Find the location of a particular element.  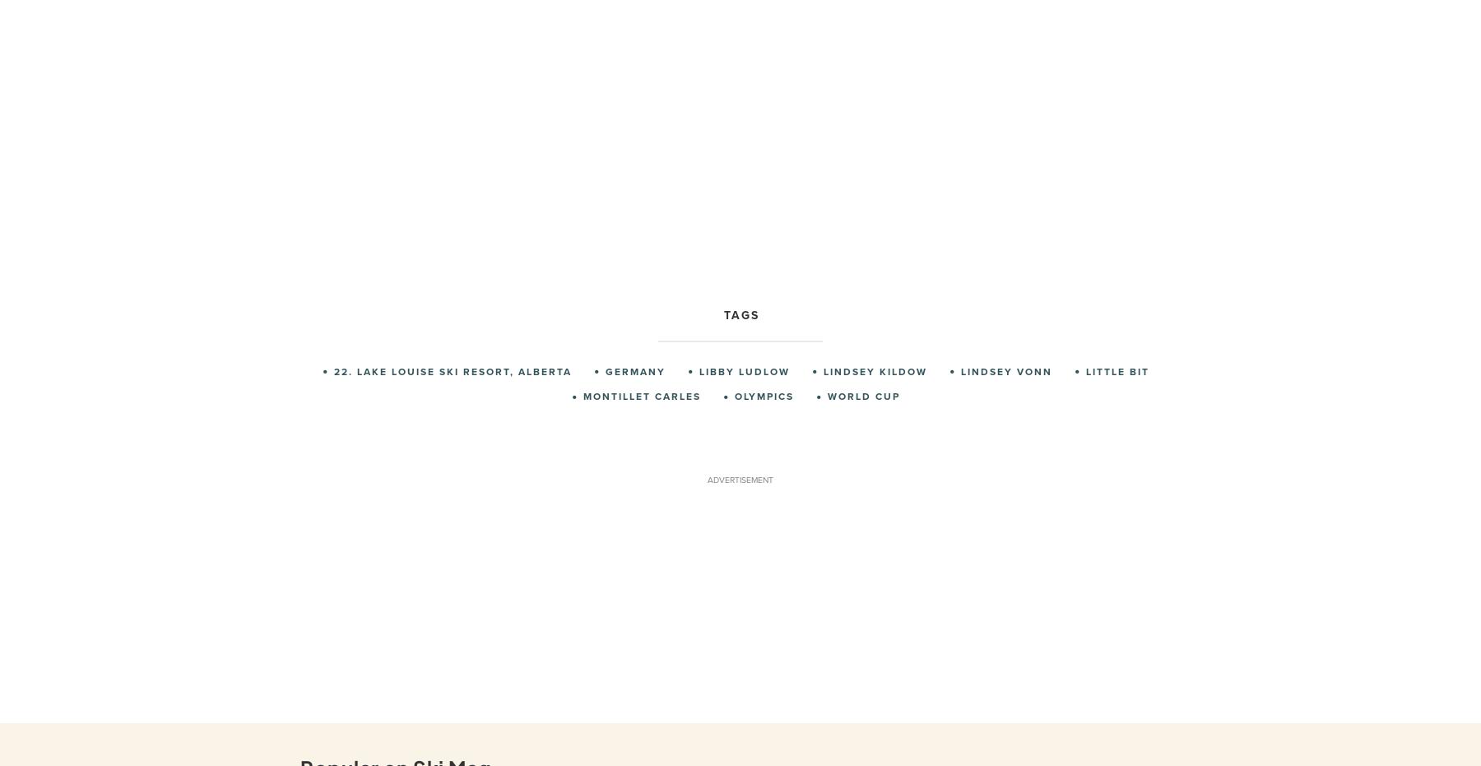

'montillet carles' is located at coordinates (641, 396).